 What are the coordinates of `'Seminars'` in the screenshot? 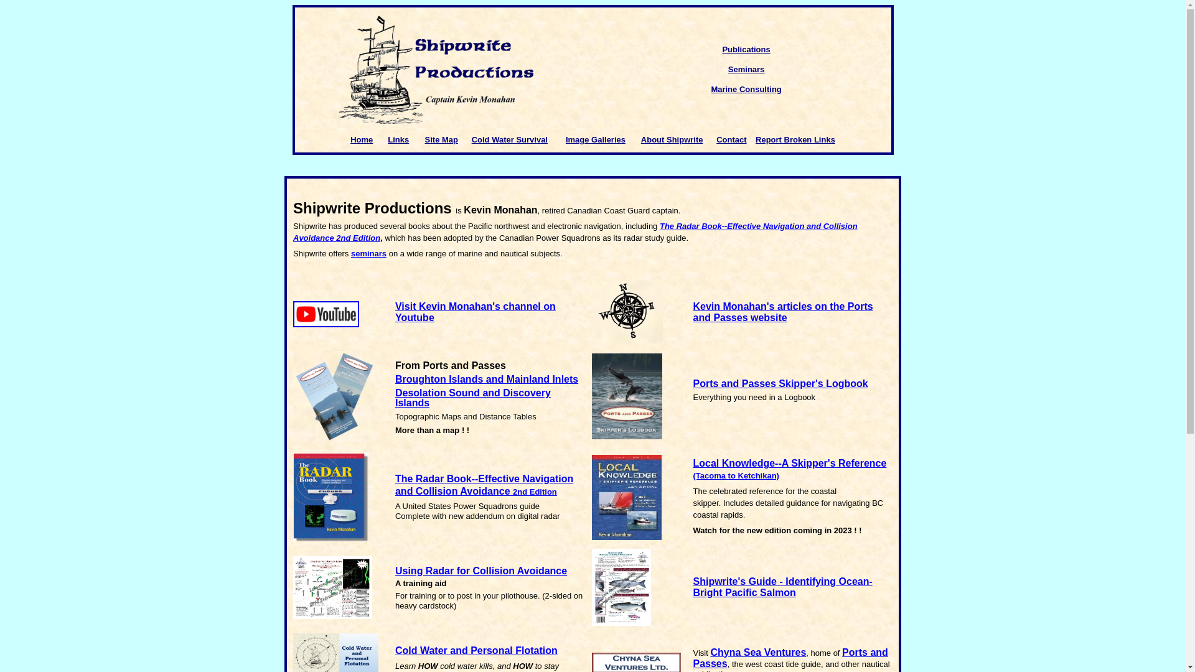 It's located at (746, 69).